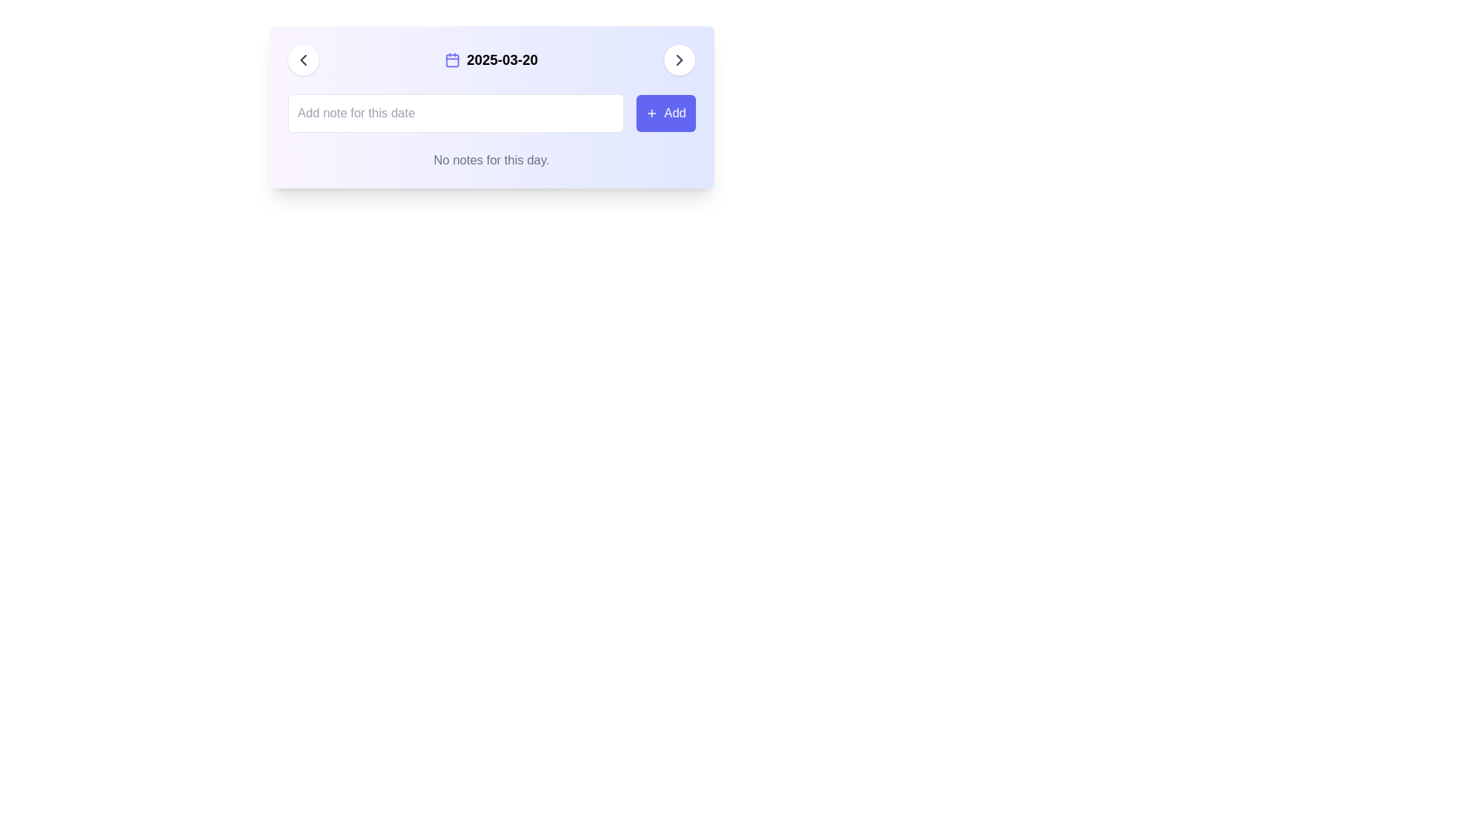  I want to click on the leftward-pointing chevron icon inside the circular white button at the top left of the interface bar, so click(303, 59).